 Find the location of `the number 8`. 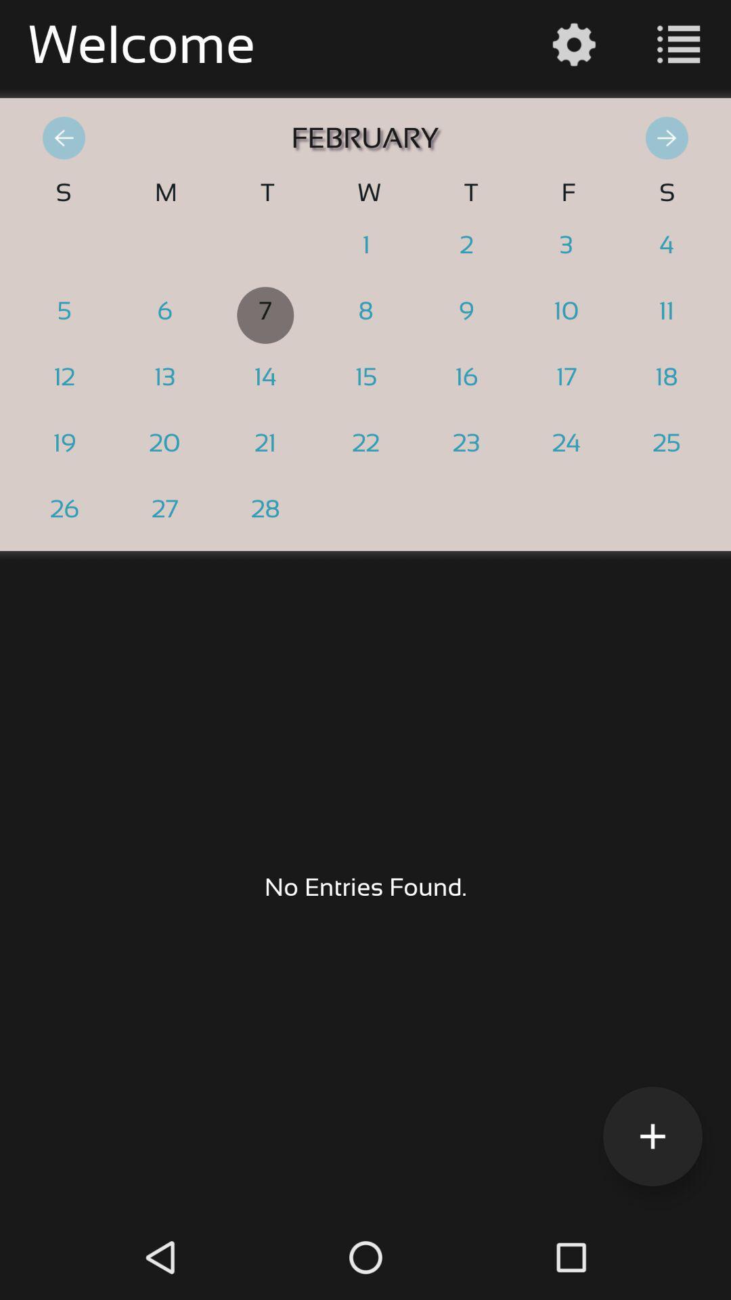

the number 8 is located at coordinates (365, 314).